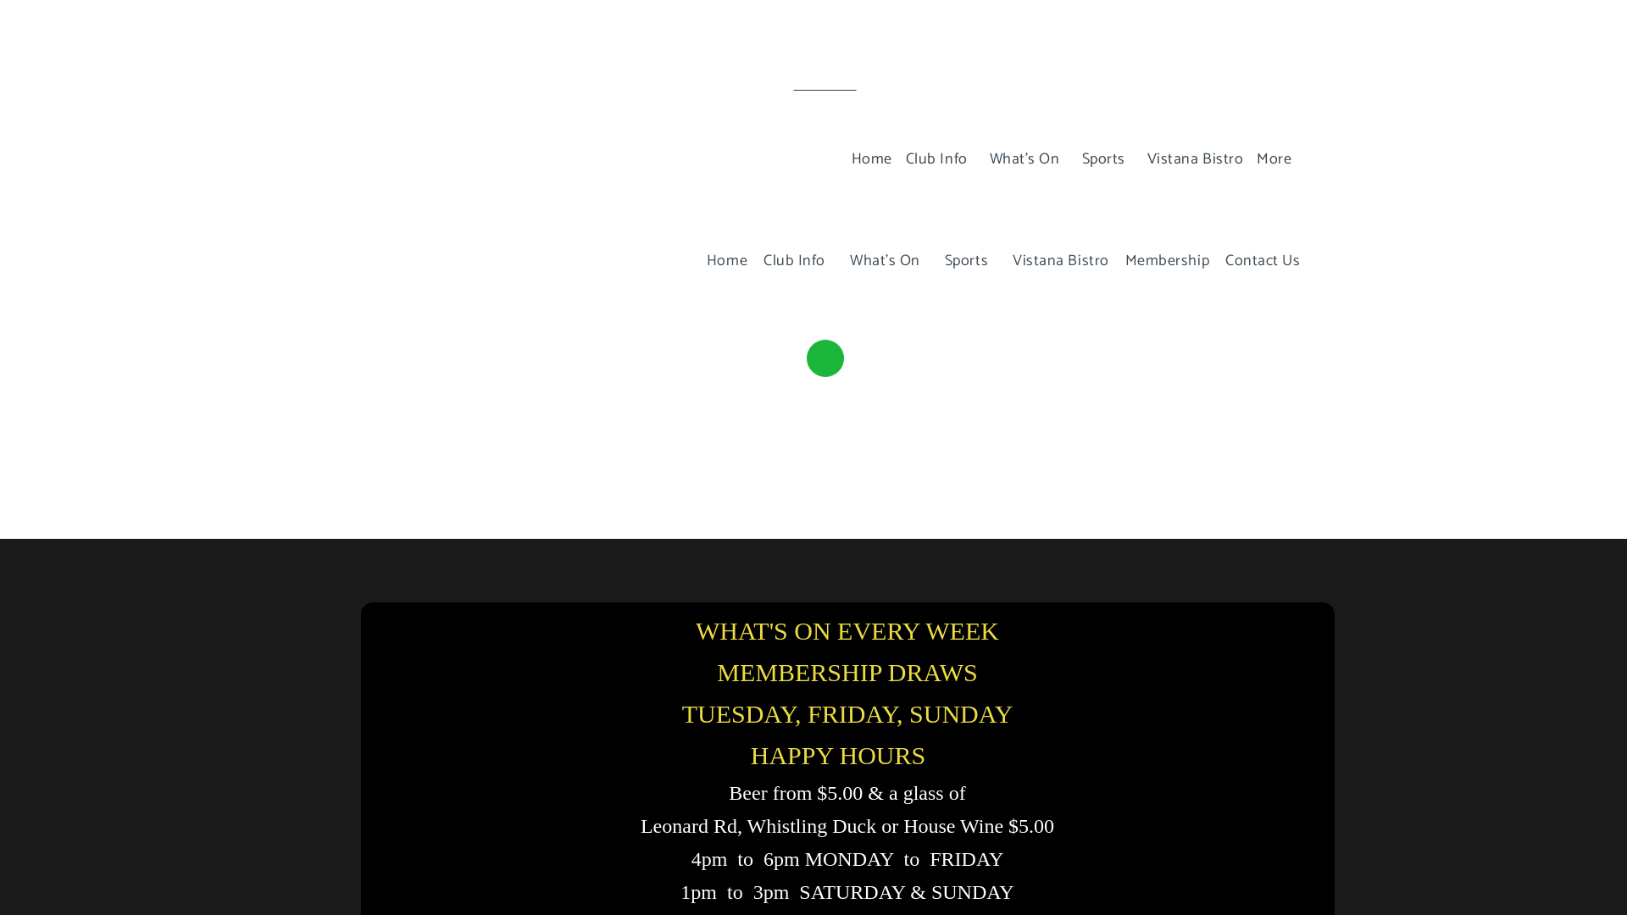  I want to click on 'Club Info', so click(789, 261).